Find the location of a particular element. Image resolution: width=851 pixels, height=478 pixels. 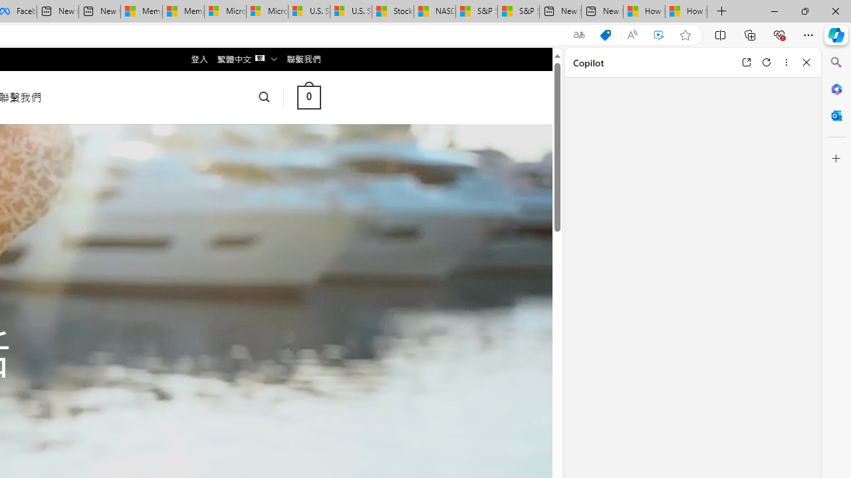

'Customize' is located at coordinates (836, 158).